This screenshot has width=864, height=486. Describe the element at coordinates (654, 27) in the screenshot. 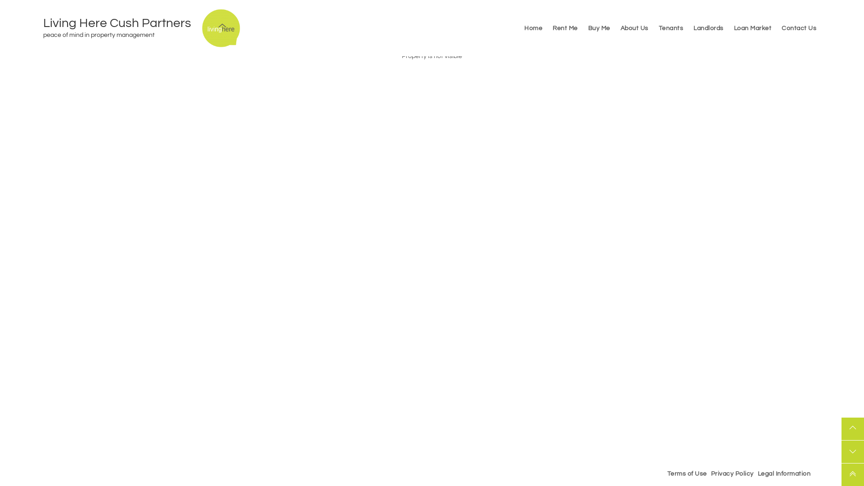

I see `'Tenants'` at that location.